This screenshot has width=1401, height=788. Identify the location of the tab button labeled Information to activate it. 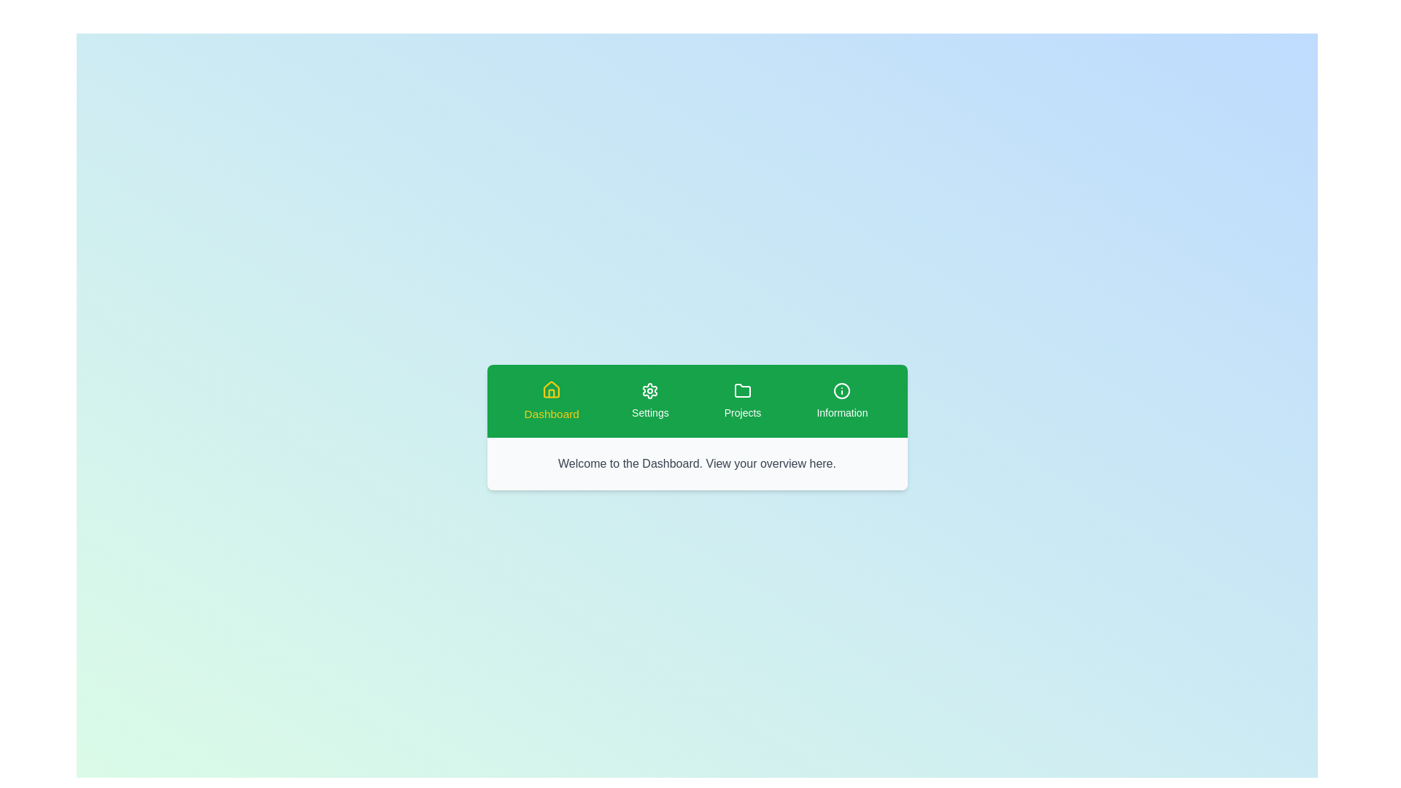
(842, 401).